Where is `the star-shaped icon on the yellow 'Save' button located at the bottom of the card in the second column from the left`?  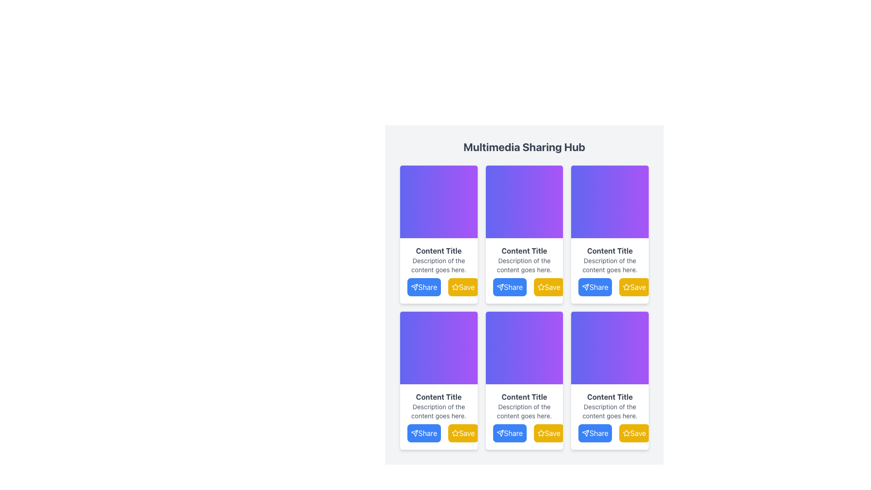
the star-shaped icon on the yellow 'Save' button located at the bottom of the card in the second column from the left is located at coordinates (541, 433).